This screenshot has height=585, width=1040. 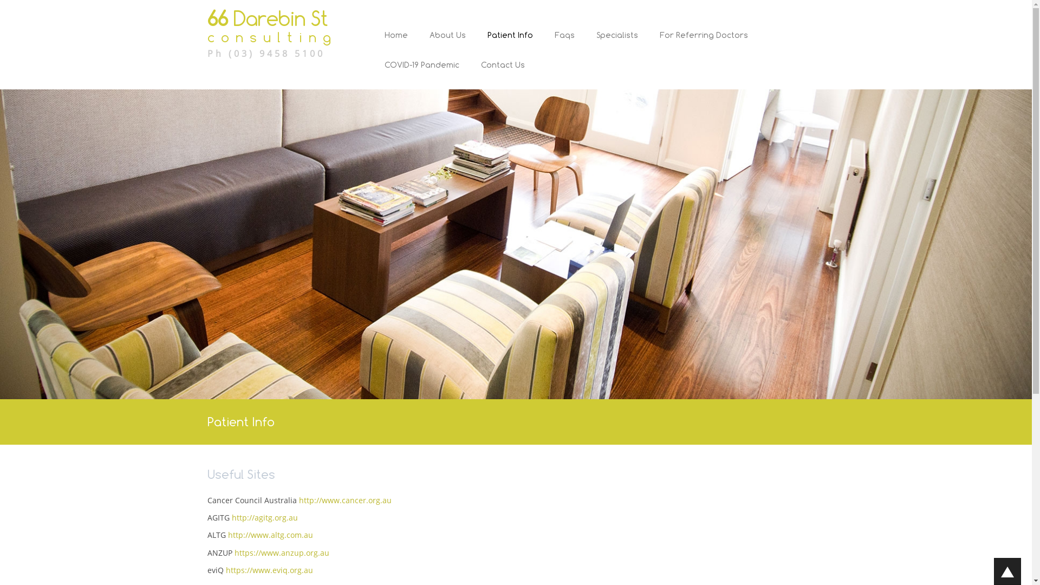 What do you see at coordinates (281, 552) in the screenshot?
I see `'https://www.anzup.org.au'` at bounding box center [281, 552].